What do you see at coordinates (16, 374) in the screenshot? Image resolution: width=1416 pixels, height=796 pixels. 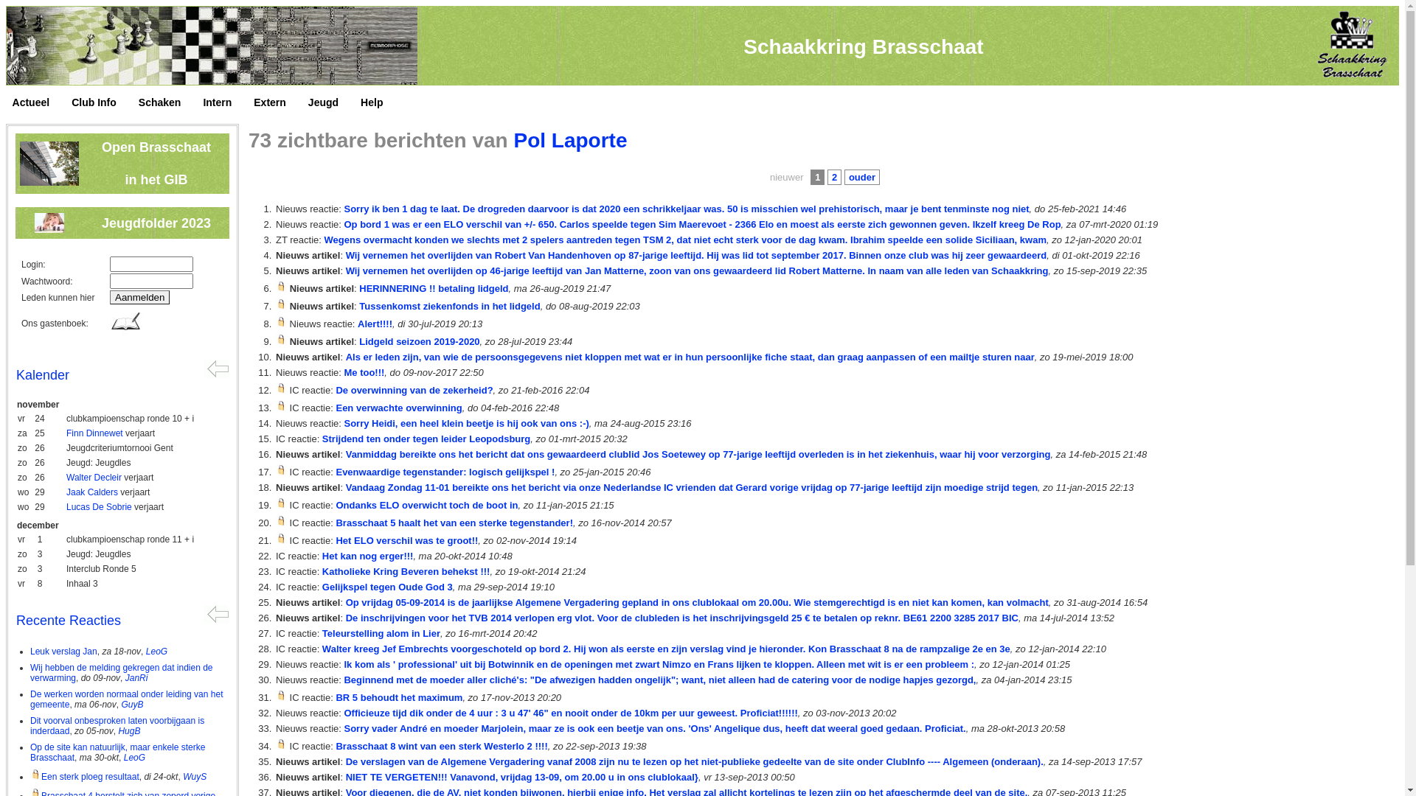 I see `'Kalender'` at bounding box center [16, 374].